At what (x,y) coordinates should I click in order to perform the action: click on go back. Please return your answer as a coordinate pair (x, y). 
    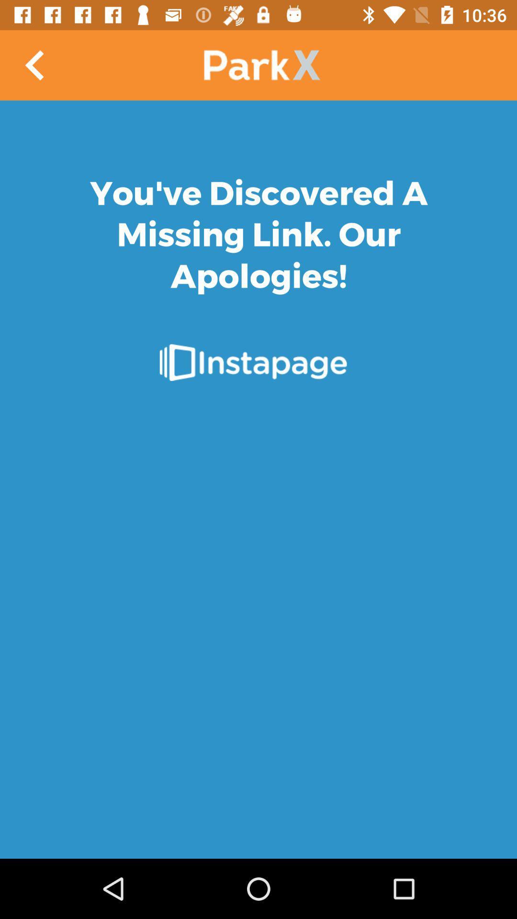
    Looking at the image, I should click on (34, 65).